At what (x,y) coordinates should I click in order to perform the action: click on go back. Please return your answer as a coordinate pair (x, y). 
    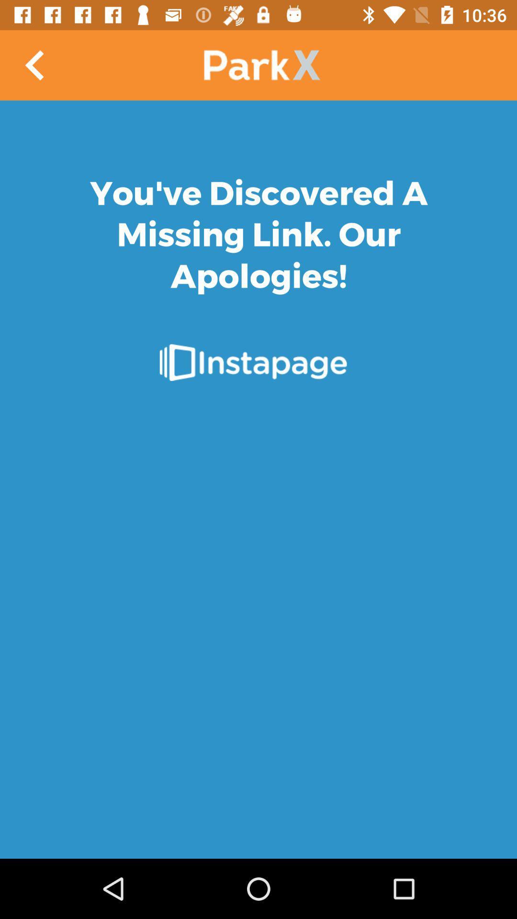
    Looking at the image, I should click on (34, 65).